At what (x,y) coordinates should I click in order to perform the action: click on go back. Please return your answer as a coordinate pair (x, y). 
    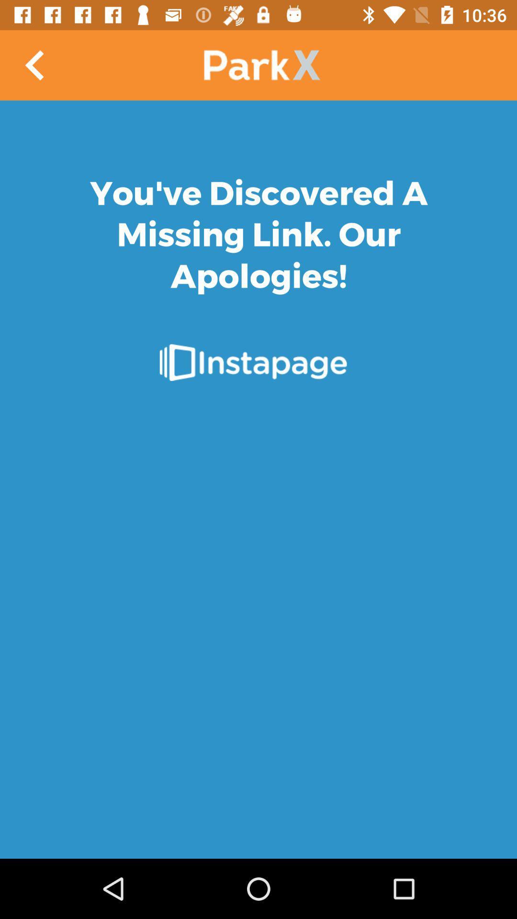
    Looking at the image, I should click on (34, 65).